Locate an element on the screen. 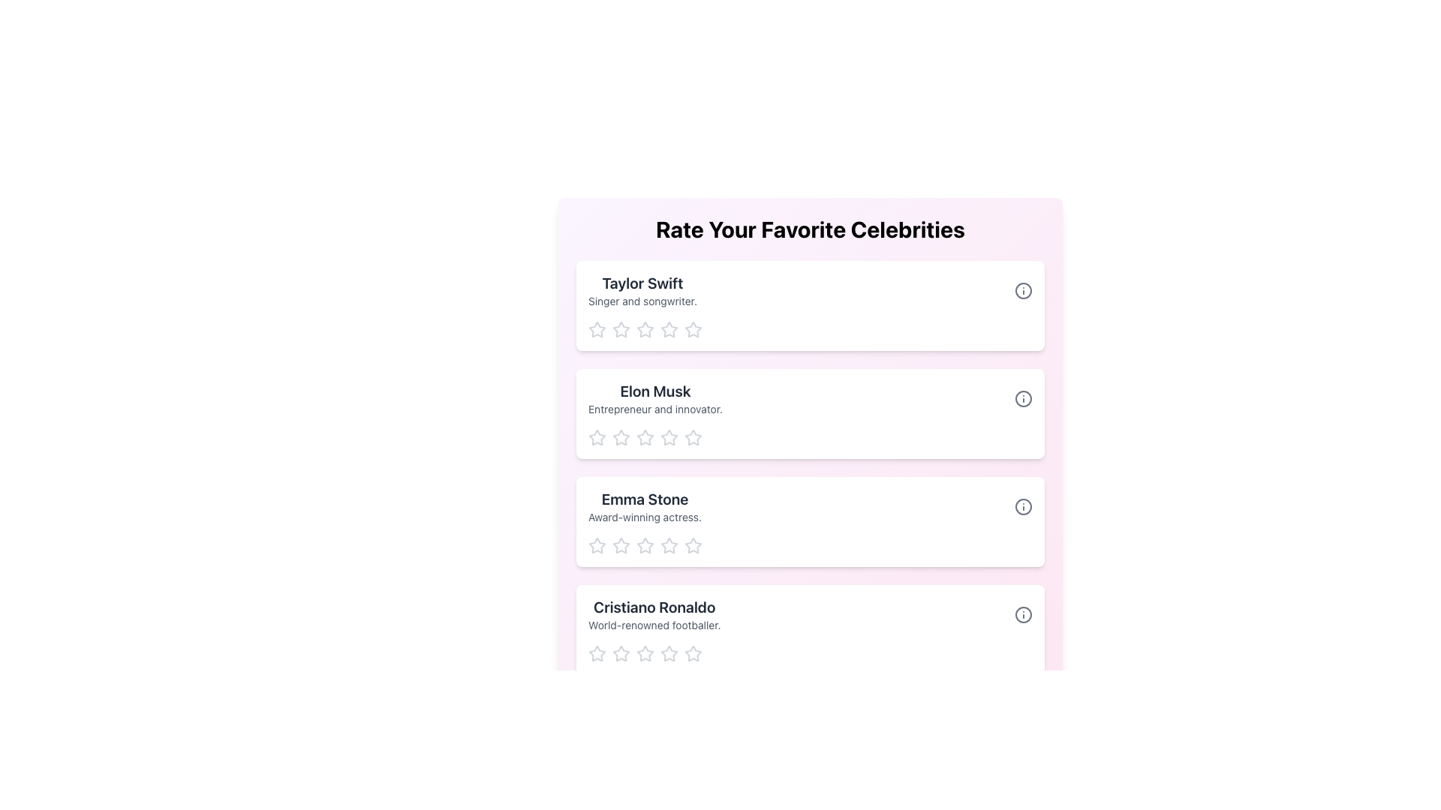 The width and height of the screenshot is (1441, 810). the text label displaying 'Emma Stone', which is in bold black font and located in the third row of the 'Rate Your Favorite Celebrities' list, below 'Elon Musk' is located at coordinates (645, 506).